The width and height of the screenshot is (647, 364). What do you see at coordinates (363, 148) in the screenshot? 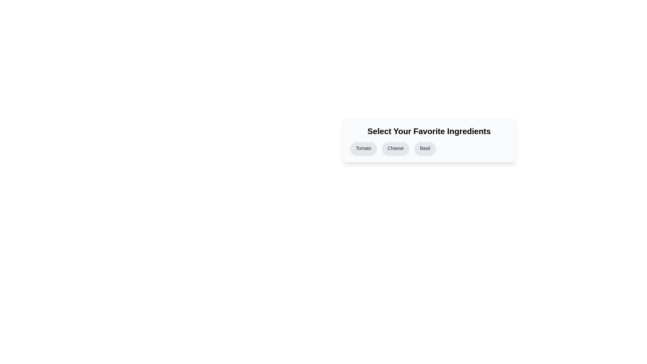
I see `the button corresponding to the ingredient Tomato` at bounding box center [363, 148].